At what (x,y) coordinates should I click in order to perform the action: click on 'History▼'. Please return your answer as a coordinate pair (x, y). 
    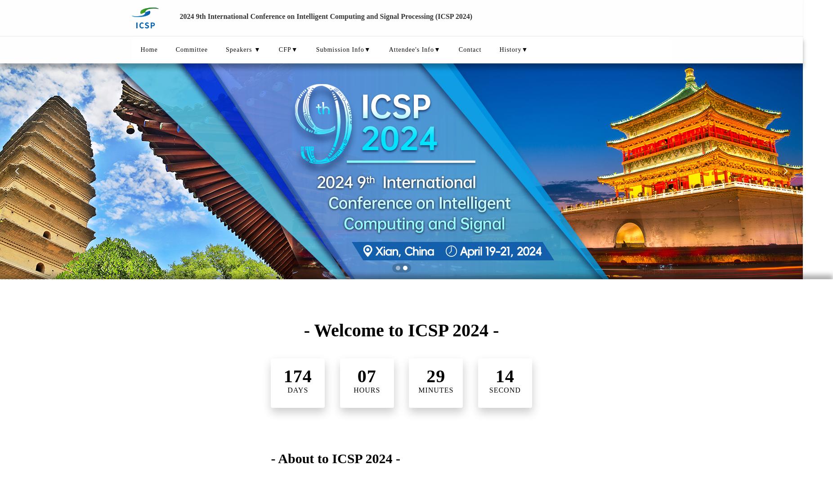
    Looking at the image, I should click on (513, 49).